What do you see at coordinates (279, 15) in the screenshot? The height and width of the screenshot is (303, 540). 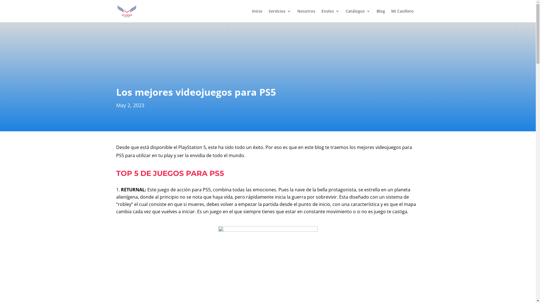 I see `'Servicios'` at bounding box center [279, 15].